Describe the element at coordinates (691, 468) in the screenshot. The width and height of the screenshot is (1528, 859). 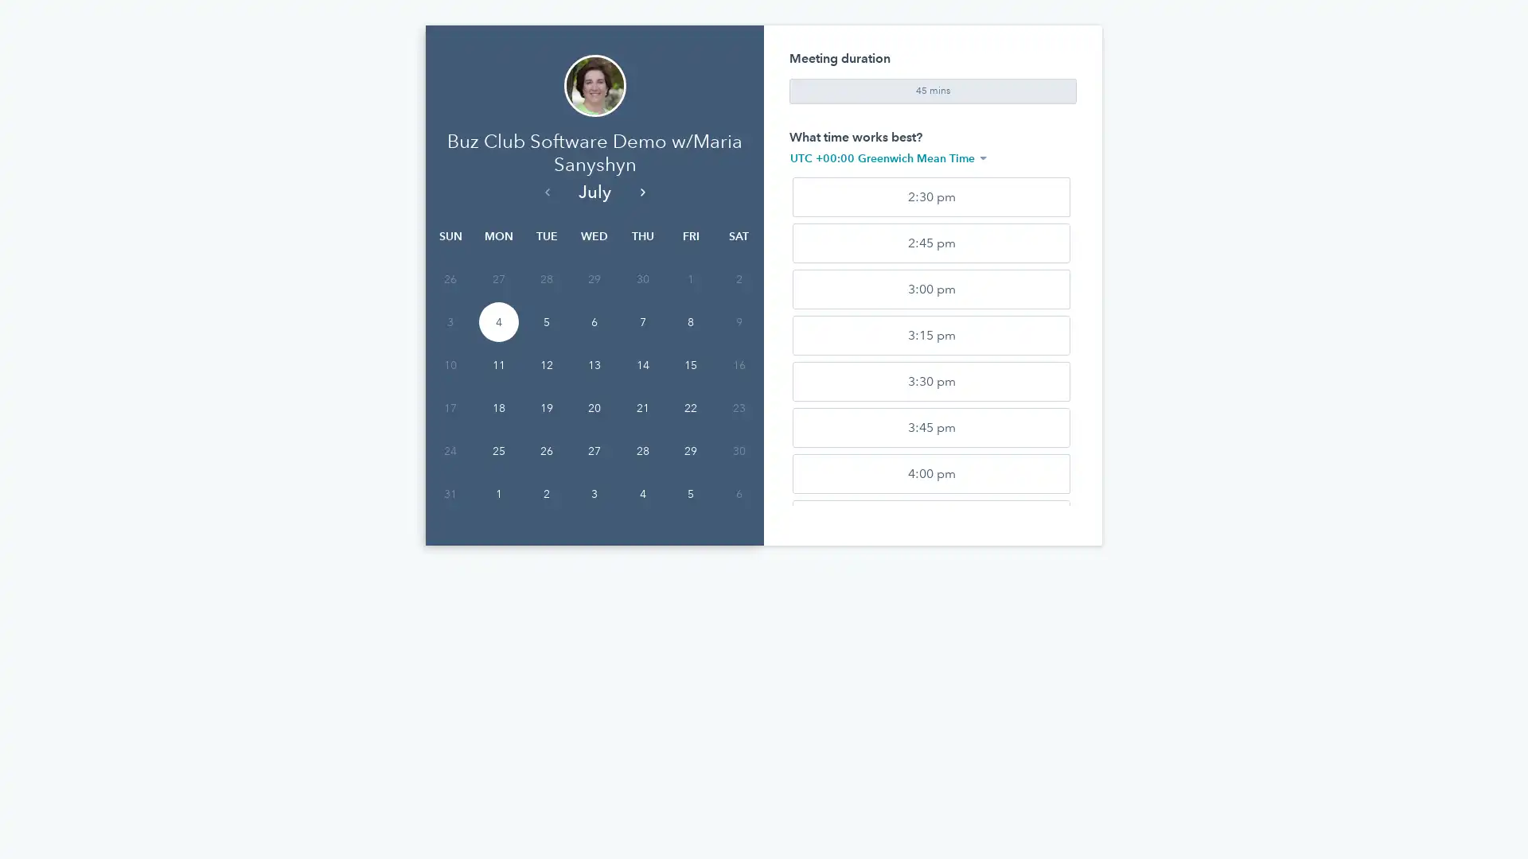
I see `July 22nd` at that location.